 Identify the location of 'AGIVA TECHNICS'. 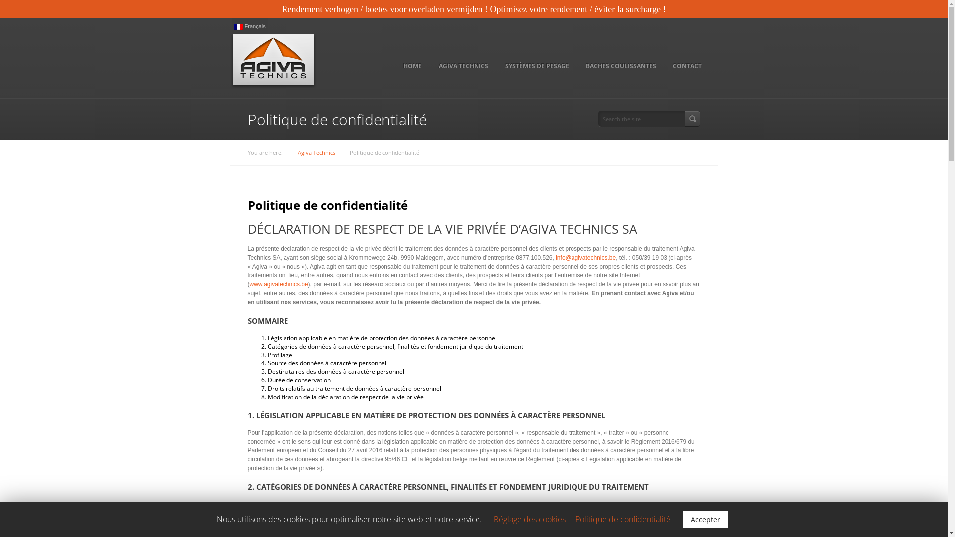
(430, 66).